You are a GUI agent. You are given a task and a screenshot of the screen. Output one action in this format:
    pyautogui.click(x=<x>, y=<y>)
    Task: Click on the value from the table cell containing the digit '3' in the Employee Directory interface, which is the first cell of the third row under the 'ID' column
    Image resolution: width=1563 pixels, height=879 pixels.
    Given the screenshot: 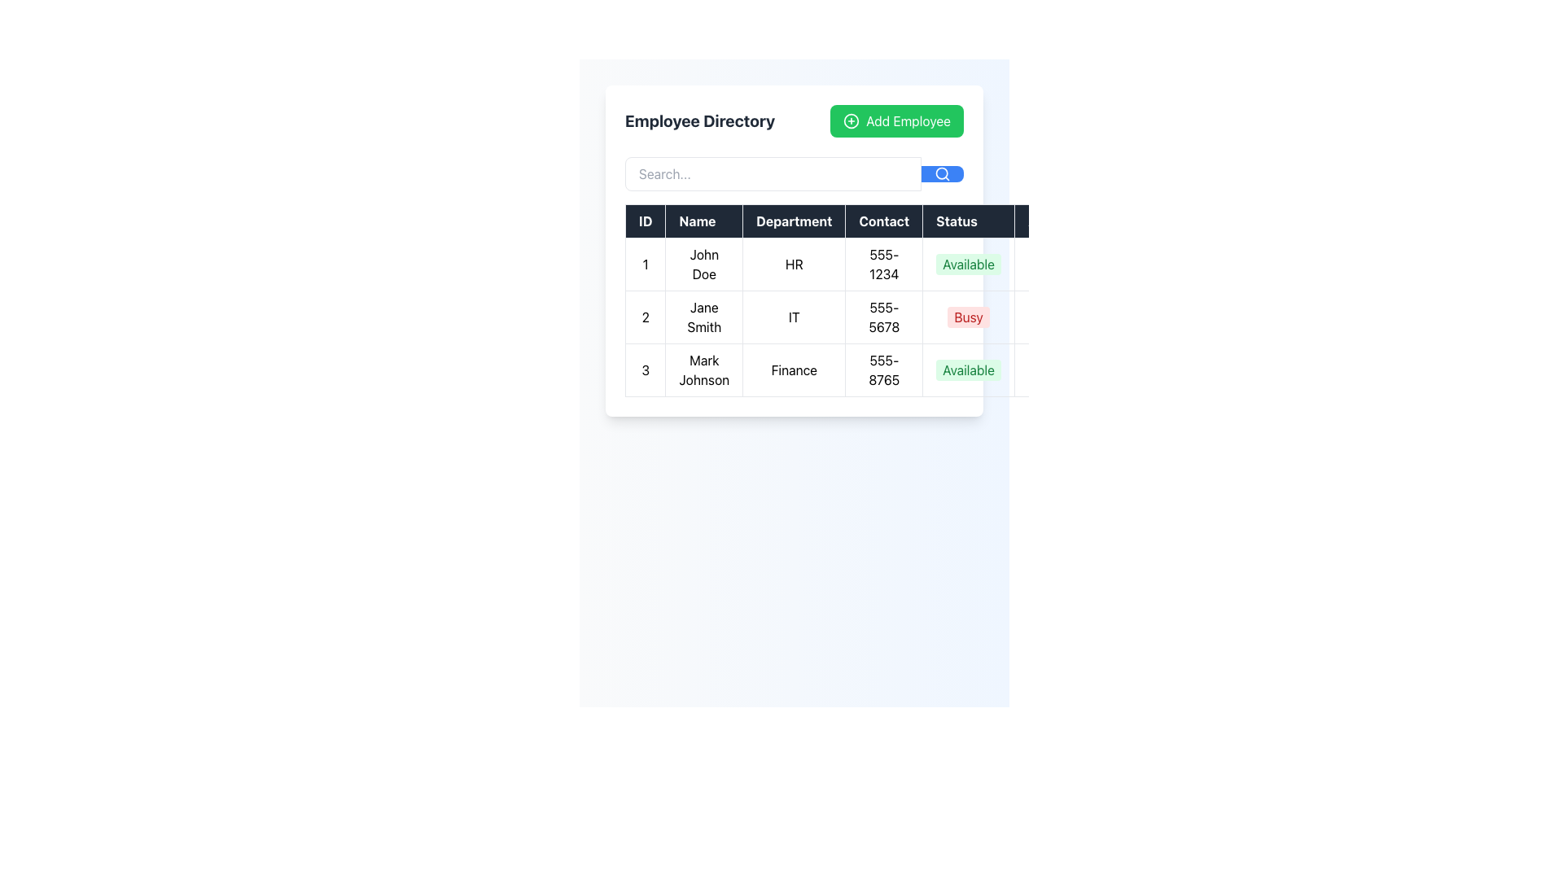 What is the action you would take?
    pyautogui.click(x=645, y=370)
    